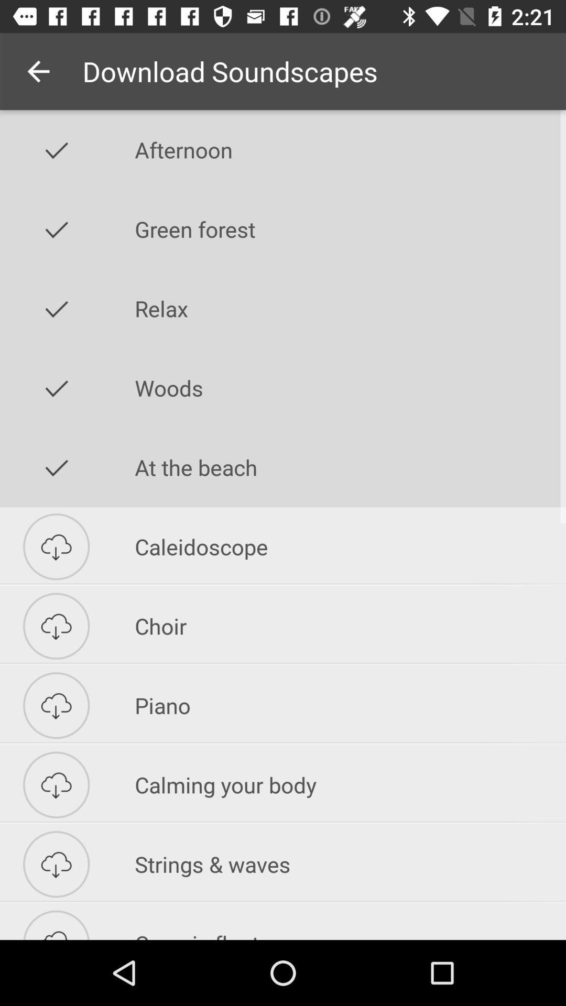  Describe the element at coordinates (350, 921) in the screenshot. I see `item below the strings & waves icon` at that location.